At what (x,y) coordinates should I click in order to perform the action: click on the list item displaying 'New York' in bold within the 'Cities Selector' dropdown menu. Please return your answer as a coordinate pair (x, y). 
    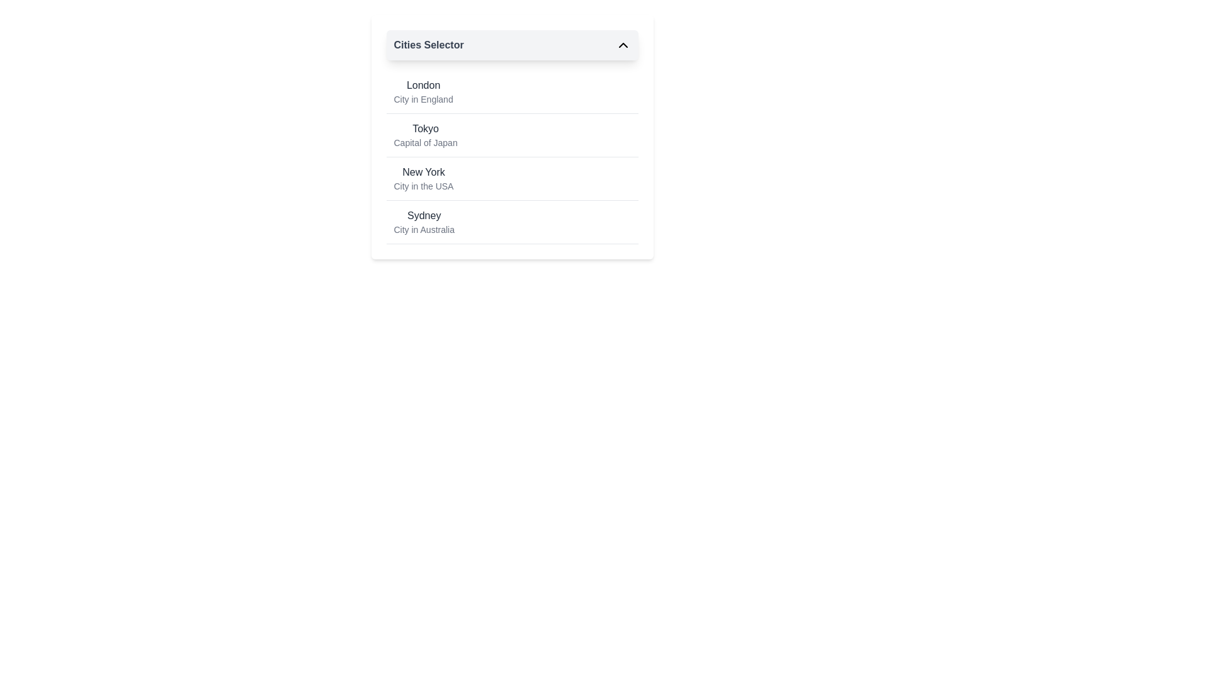
    Looking at the image, I should click on (512, 179).